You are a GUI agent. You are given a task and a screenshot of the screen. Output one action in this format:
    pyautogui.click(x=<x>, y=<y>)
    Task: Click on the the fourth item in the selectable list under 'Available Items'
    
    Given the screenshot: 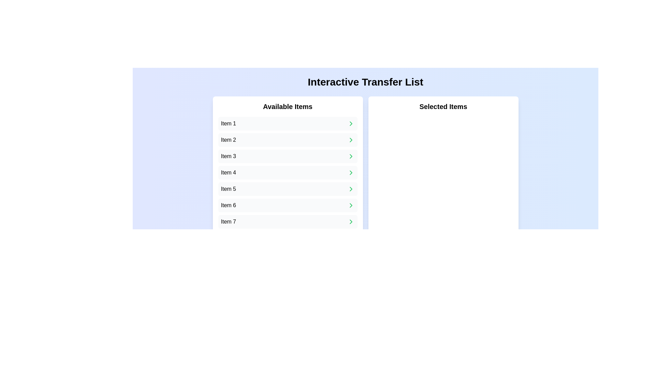 What is the action you would take?
    pyautogui.click(x=288, y=172)
    